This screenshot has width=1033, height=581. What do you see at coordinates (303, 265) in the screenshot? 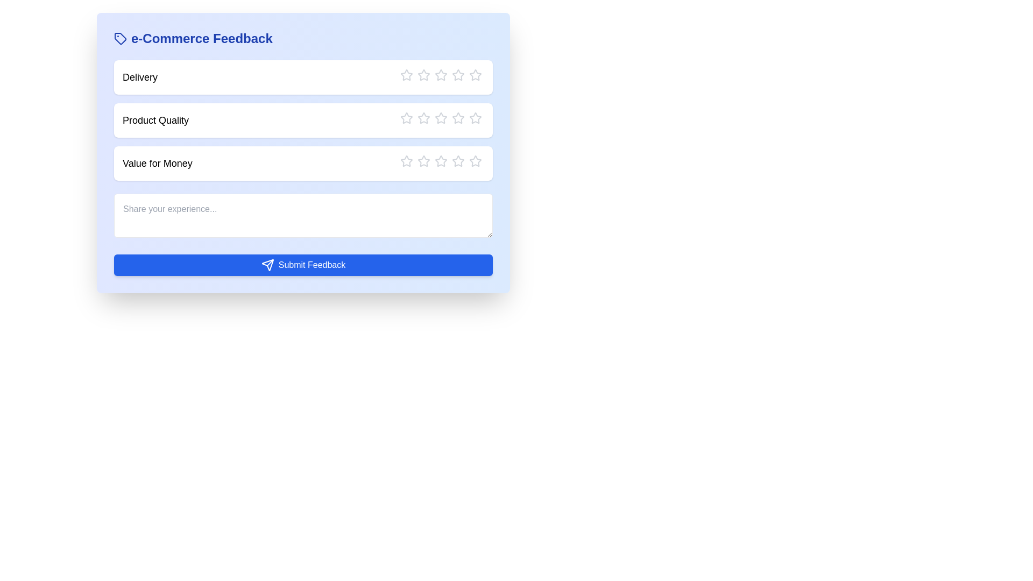
I see `the 'Submit Feedback' button` at bounding box center [303, 265].